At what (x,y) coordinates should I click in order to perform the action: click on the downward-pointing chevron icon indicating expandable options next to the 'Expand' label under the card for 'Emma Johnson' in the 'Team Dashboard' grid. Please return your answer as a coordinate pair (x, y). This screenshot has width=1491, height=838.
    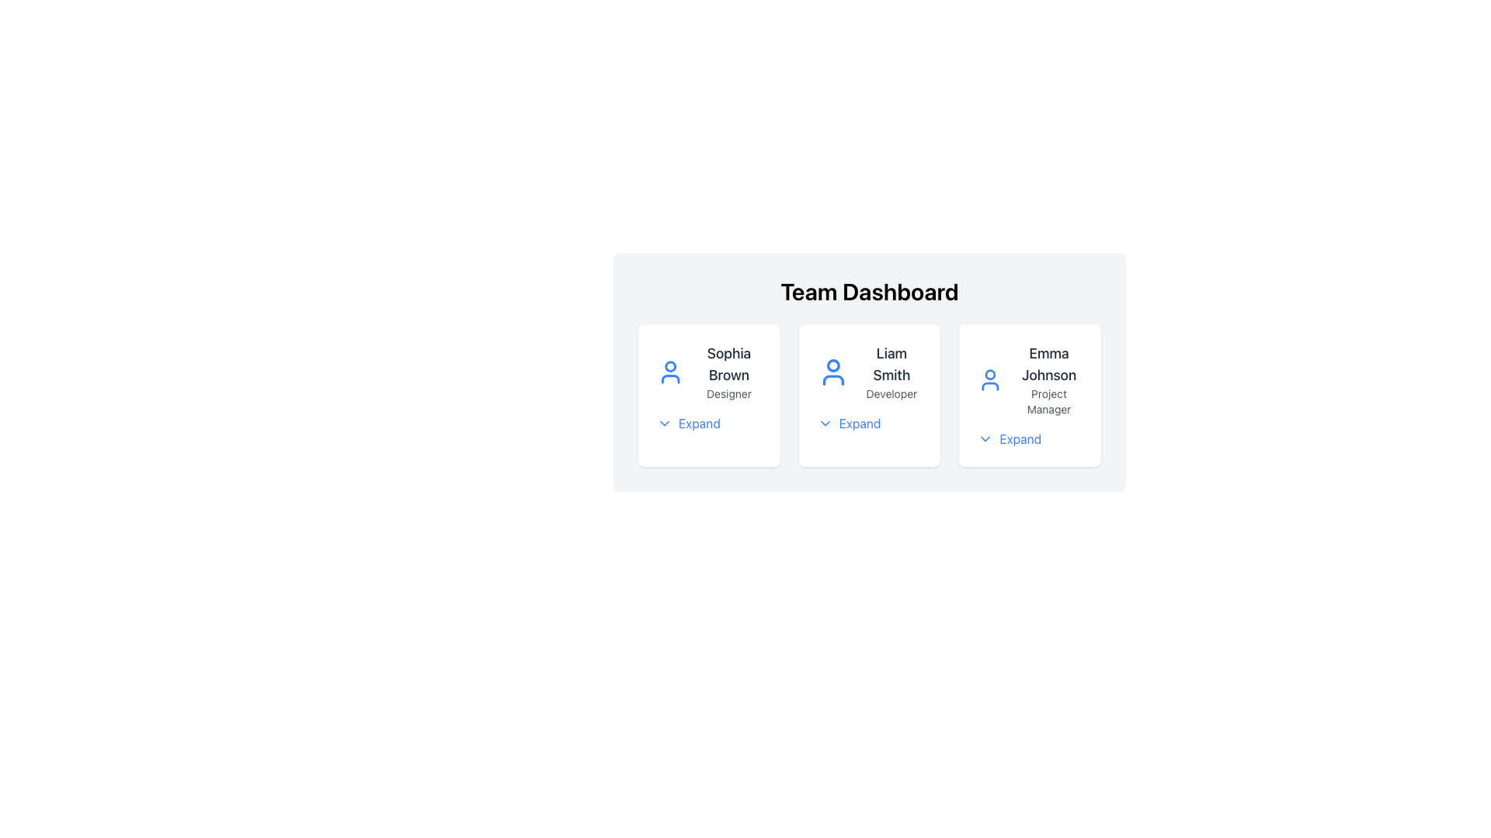
    Looking at the image, I should click on (985, 439).